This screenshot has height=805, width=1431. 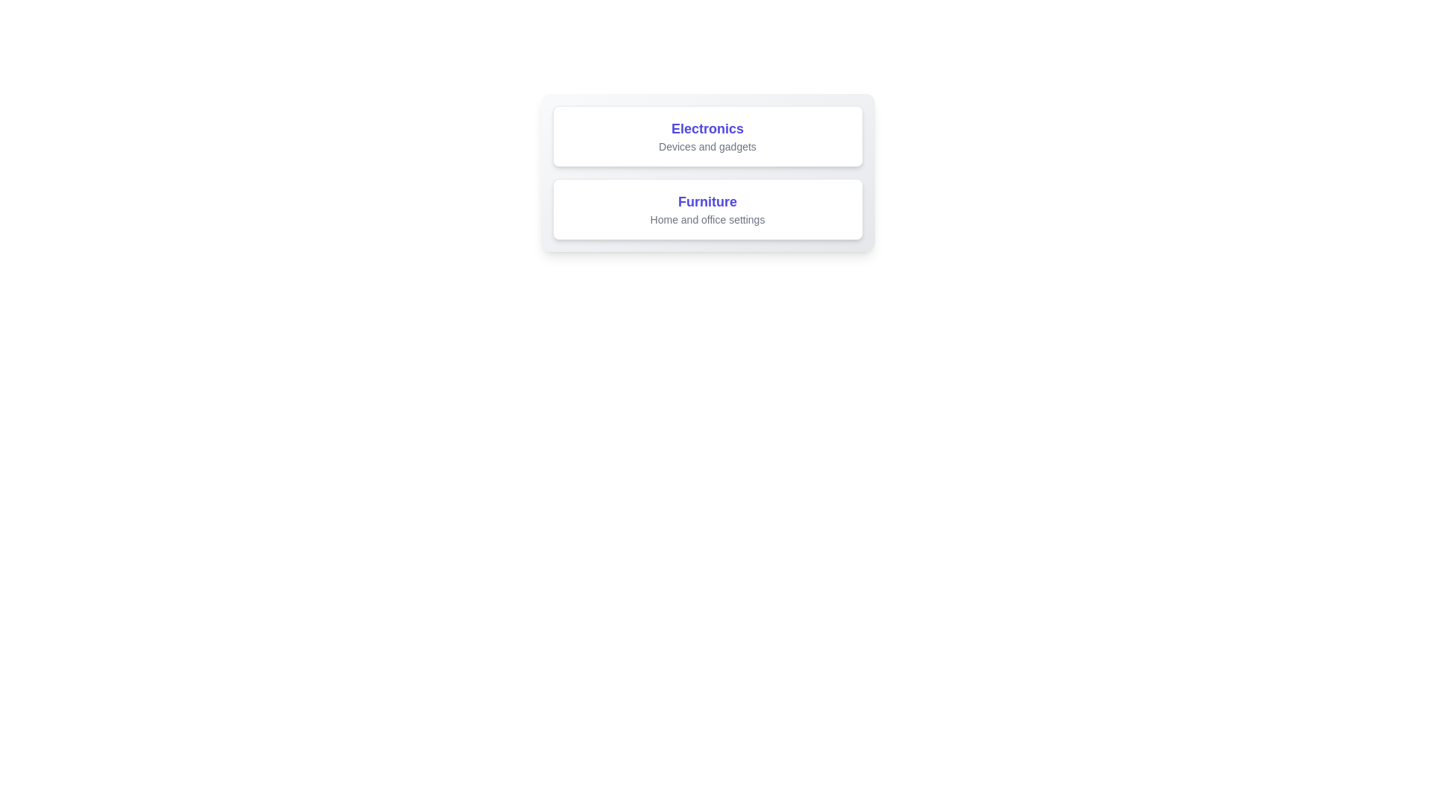 What do you see at coordinates (707, 128) in the screenshot?
I see `the 'Electronics' text label, which is a bold, prominent label styled in deep indigo-blue, located at the top of the first card in a vertically stacked layout` at bounding box center [707, 128].